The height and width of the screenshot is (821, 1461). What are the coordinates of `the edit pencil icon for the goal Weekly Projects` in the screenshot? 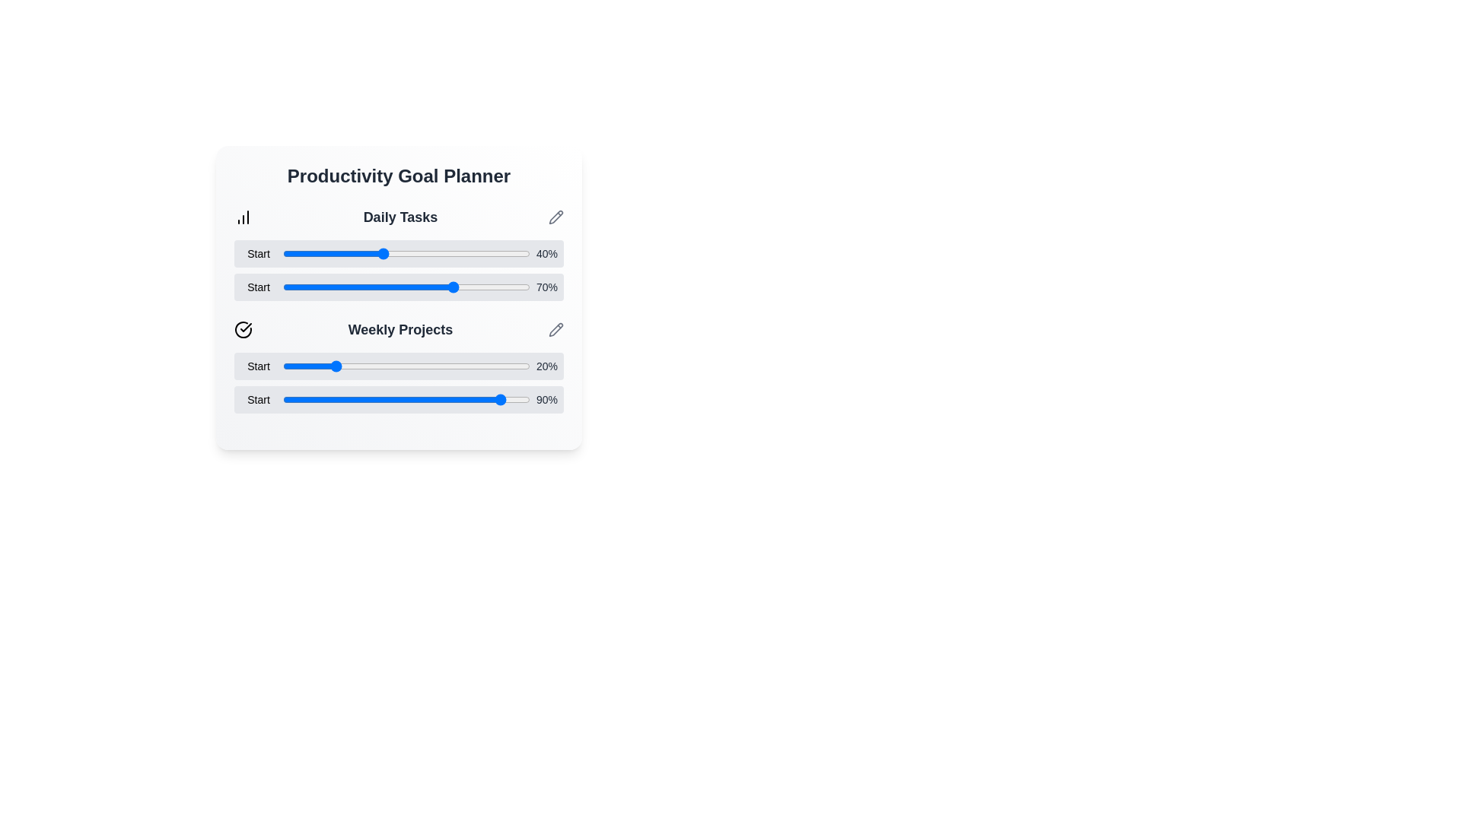 It's located at (555, 329).